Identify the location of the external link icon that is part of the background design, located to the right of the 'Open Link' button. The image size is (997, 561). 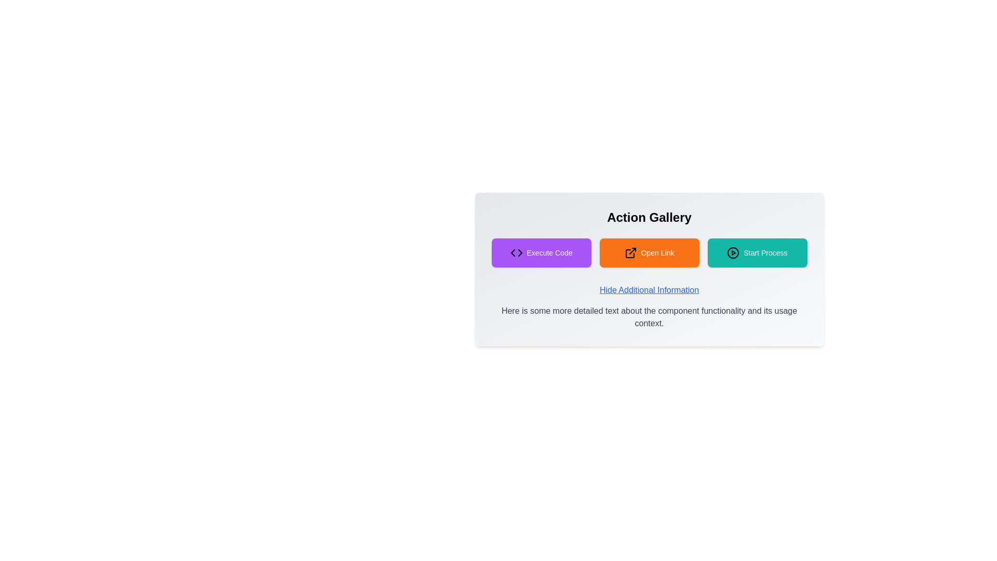
(629, 253).